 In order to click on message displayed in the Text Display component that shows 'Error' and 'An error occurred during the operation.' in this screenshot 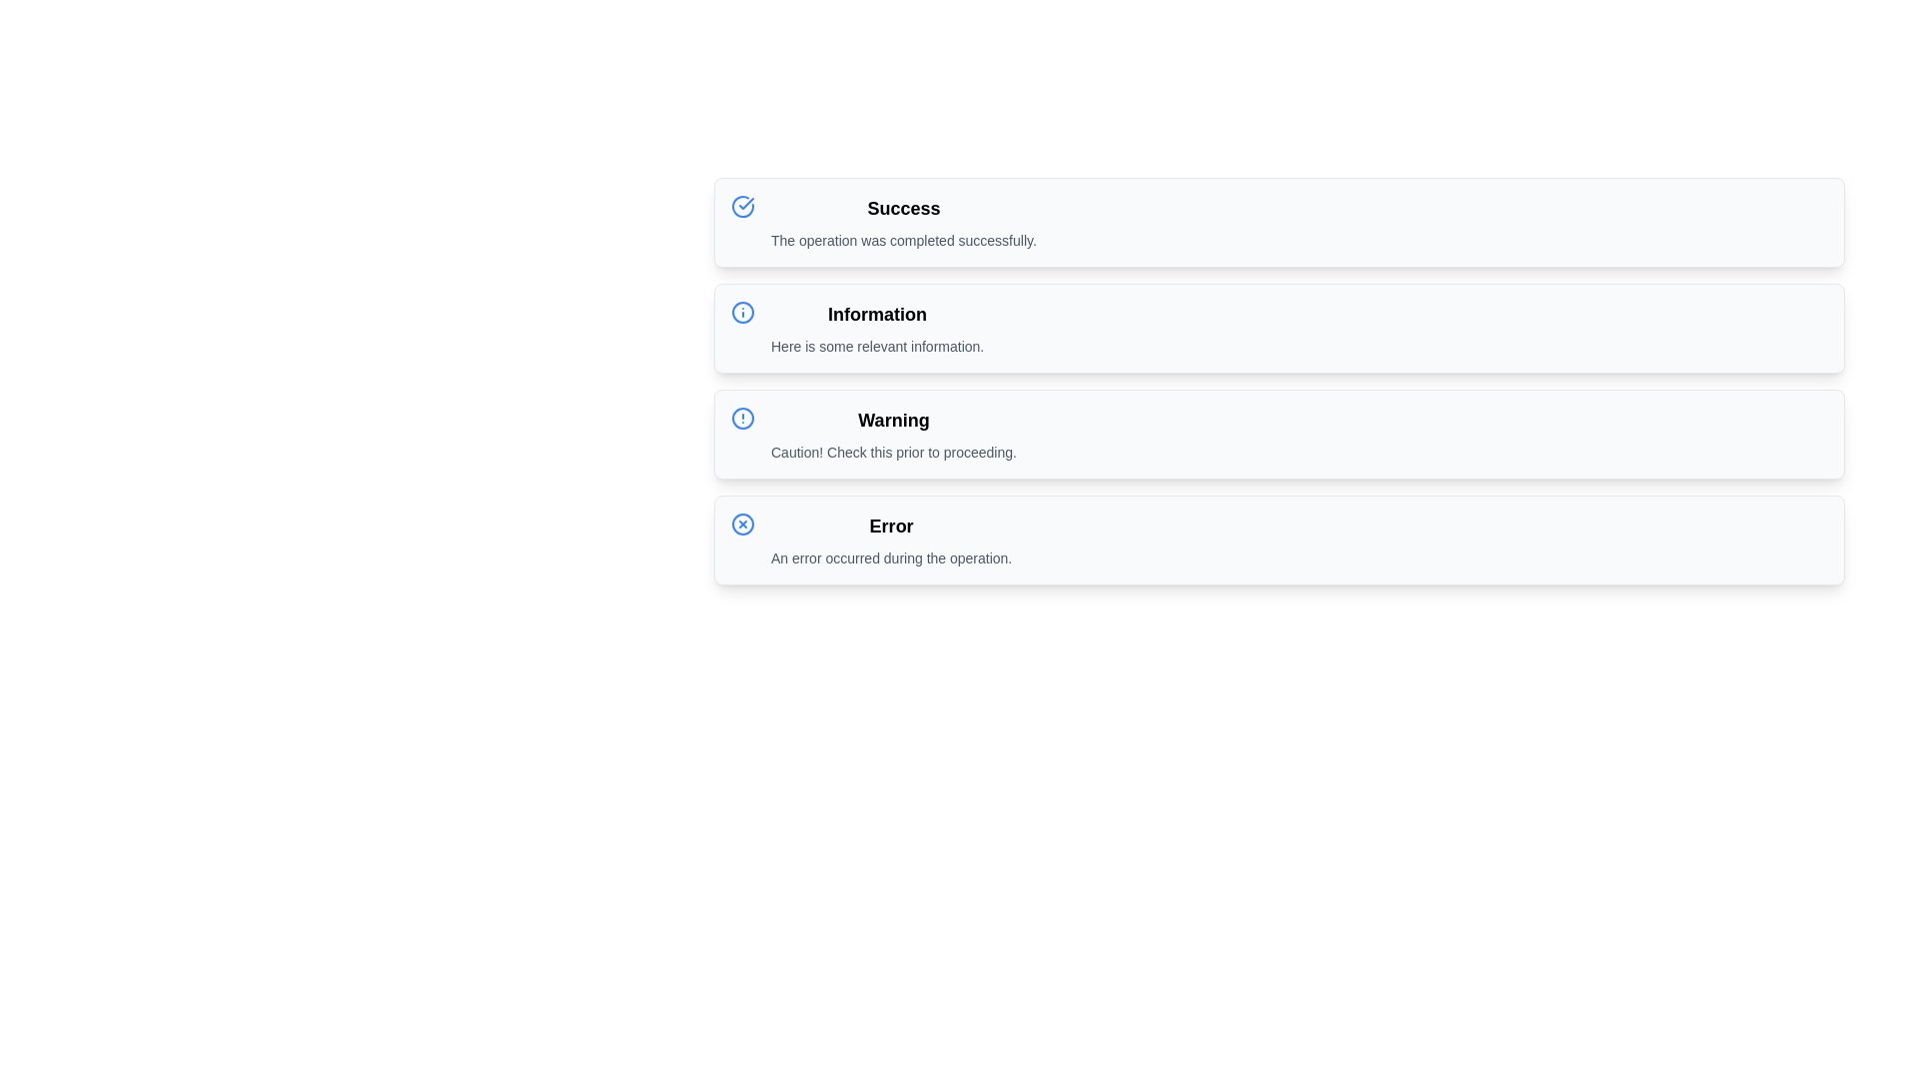, I will do `click(890, 539)`.